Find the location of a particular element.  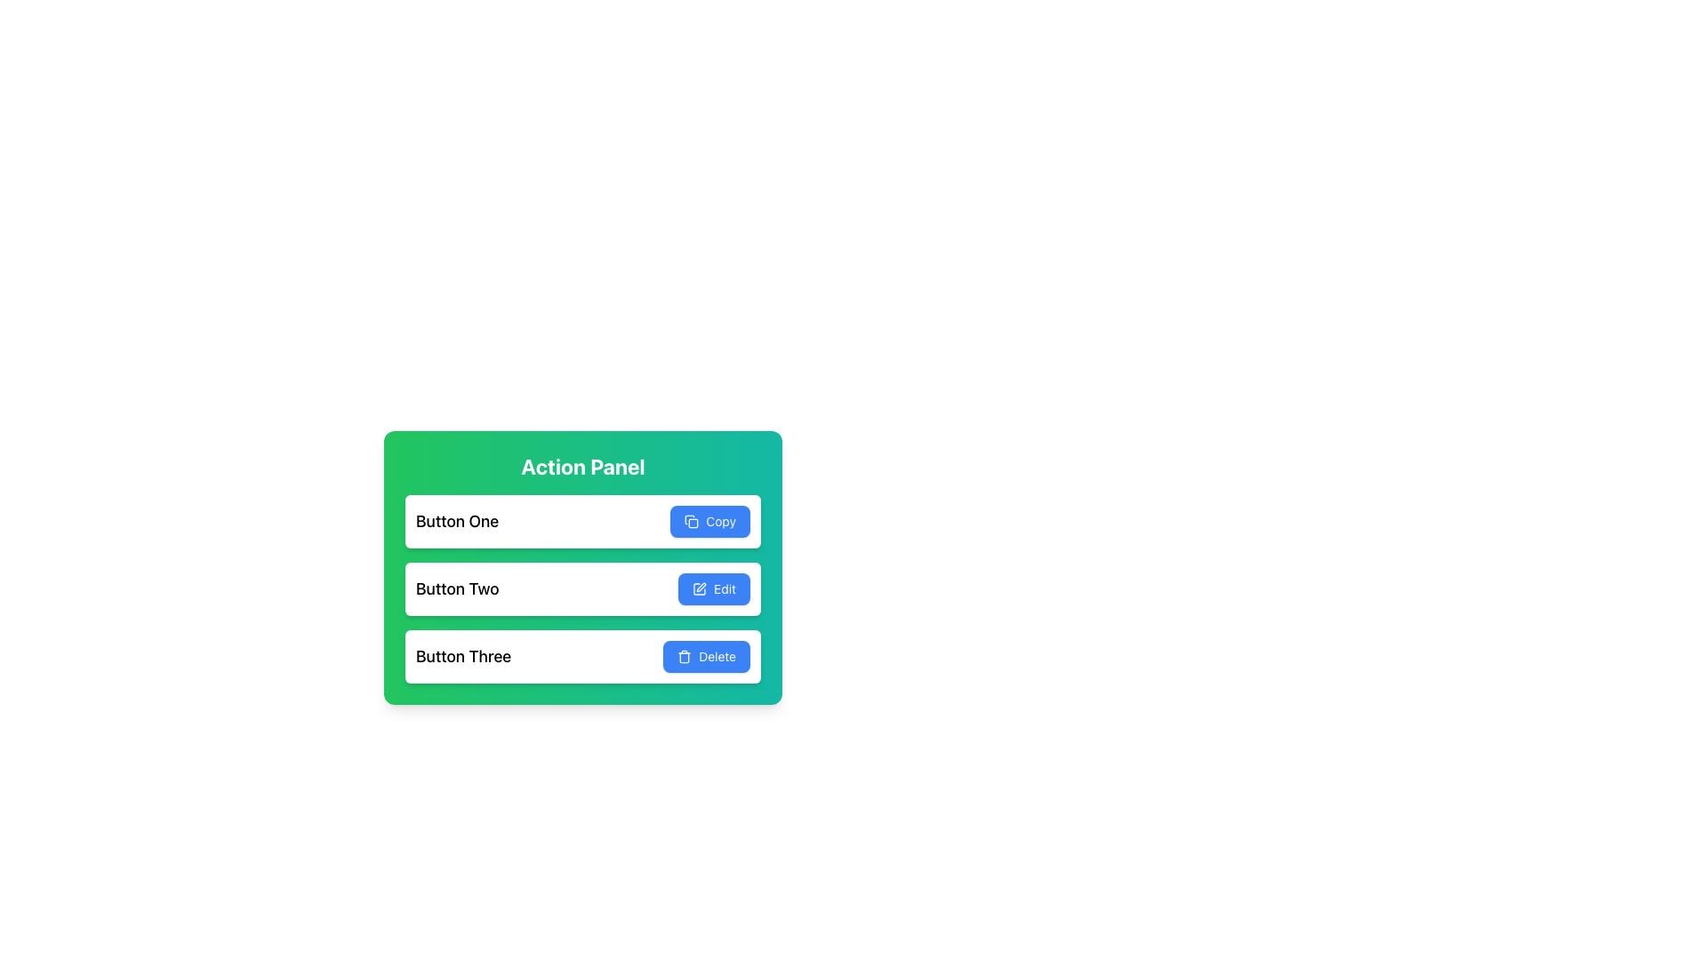

the 'Edit' graphical icon, which is a blue button featuring a pen-like icon, located in the second row of buttons is located at coordinates (701, 587).